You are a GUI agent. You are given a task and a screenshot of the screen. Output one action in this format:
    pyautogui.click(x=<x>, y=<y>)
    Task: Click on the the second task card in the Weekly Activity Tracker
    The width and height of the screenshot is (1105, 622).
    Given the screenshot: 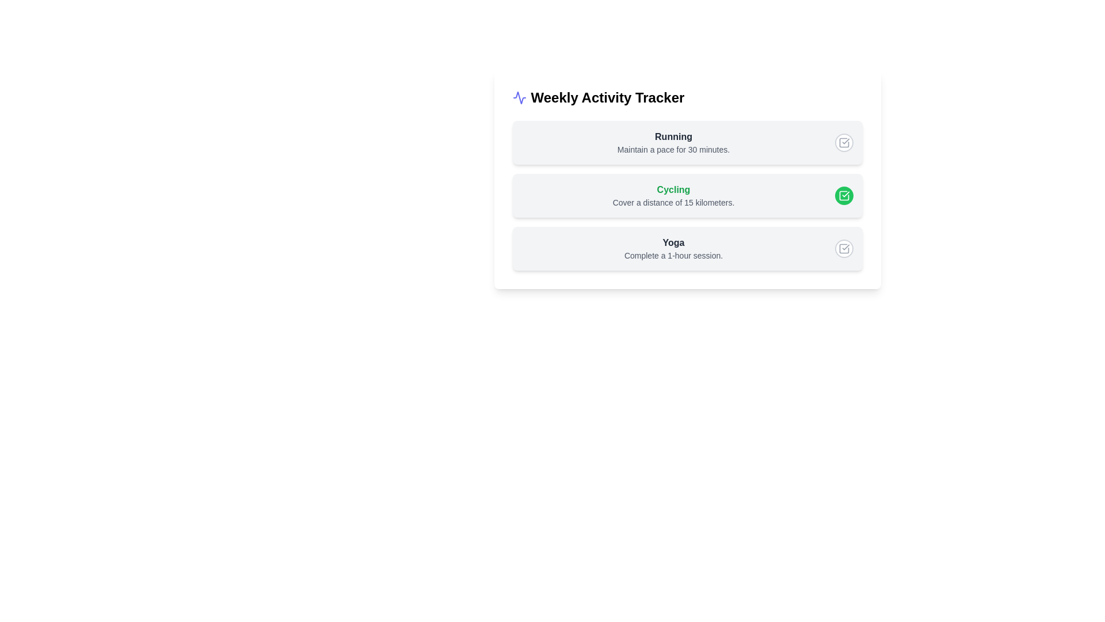 What is the action you would take?
    pyautogui.click(x=687, y=180)
    